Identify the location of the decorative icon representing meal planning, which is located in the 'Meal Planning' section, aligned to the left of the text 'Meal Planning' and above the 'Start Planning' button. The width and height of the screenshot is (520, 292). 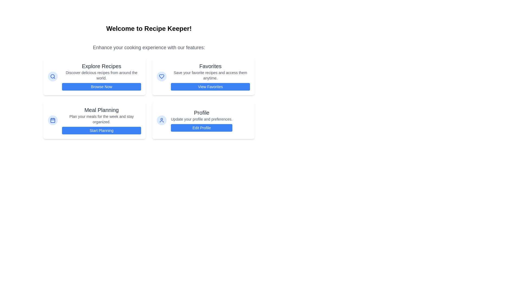
(53, 120).